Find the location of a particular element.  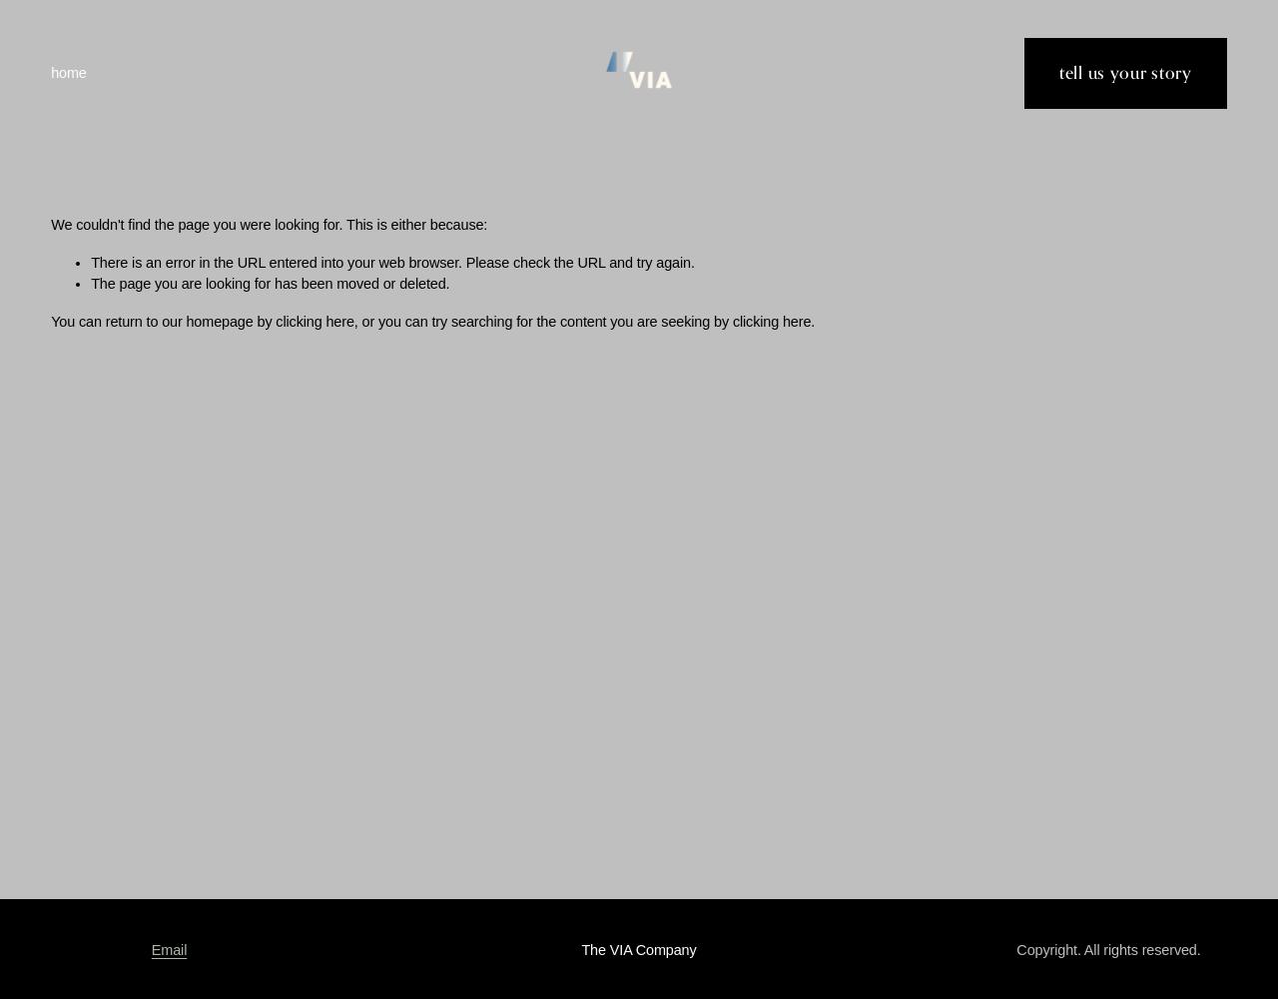

'Email' is located at coordinates (168, 948).